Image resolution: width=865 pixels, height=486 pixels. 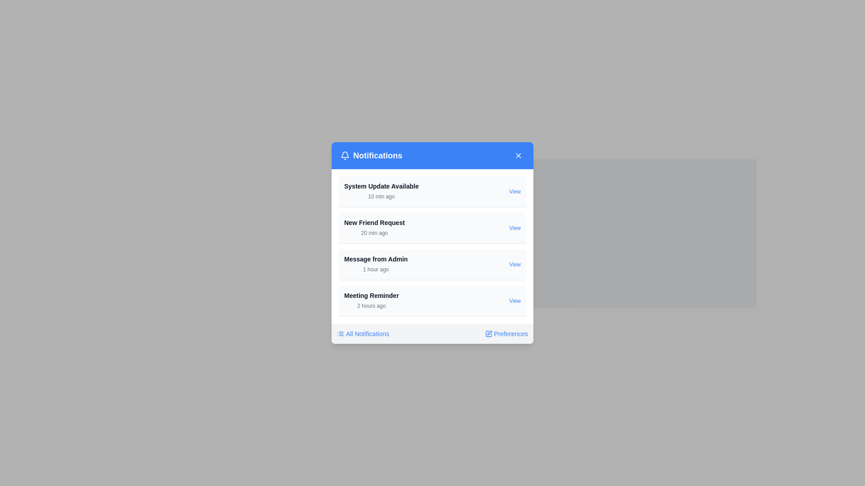 I want to click on the close button located in the upper-right corner of the 'Notifications' header section, which is positioned to the right of the text label 'Notifications', so click(x=519, y=155).